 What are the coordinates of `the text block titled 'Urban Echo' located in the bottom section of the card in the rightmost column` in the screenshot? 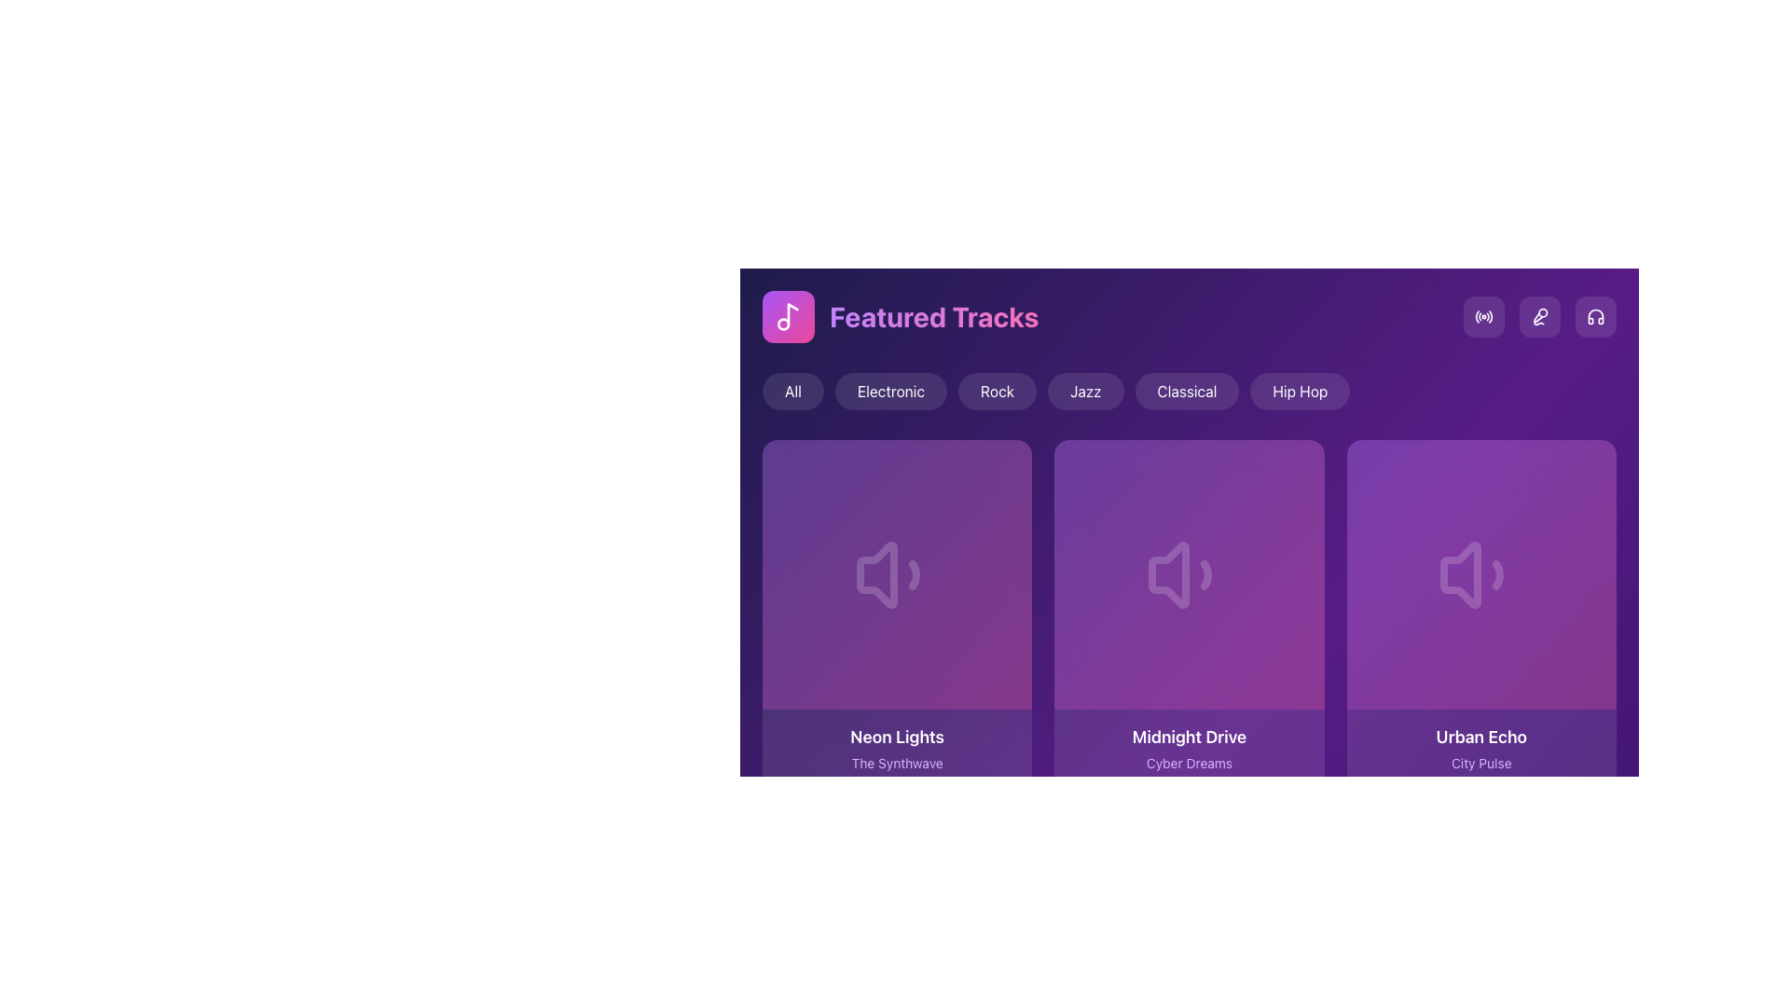 It's located at (1480, 748).